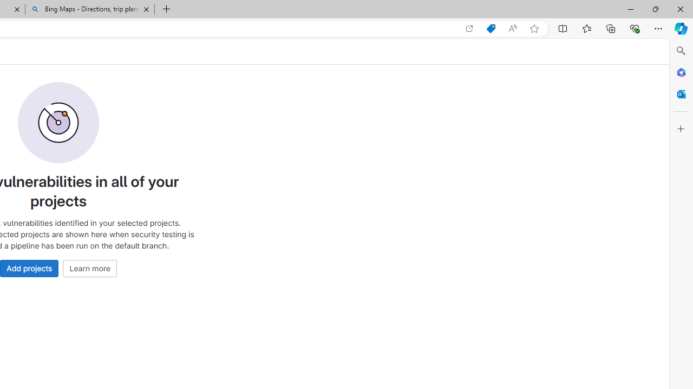 Image resolution: width=693 pixels, height=389 pixels. What do you see at coordinates (681, 28) in the screenshot?
I see `'Copilot (Ctrl+Shift+.)'` at bounding box center [681, 28].